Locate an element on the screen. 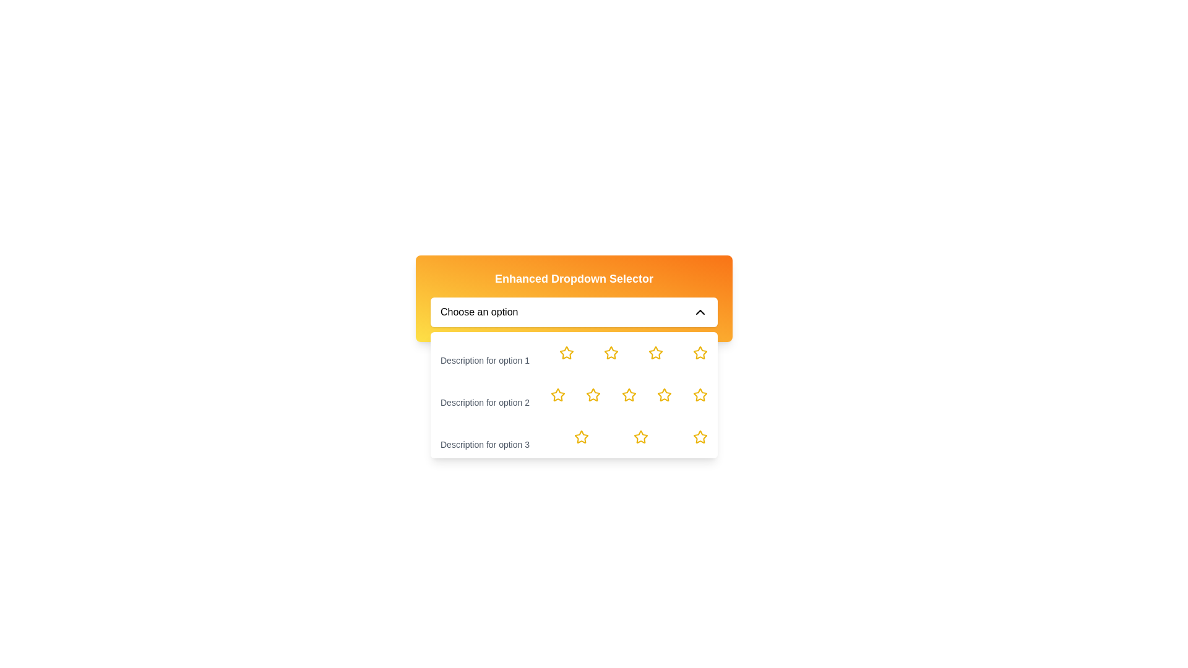 This screenshot has height=668, width=1188. keyboard navigation is located at coordinates (700, 436).